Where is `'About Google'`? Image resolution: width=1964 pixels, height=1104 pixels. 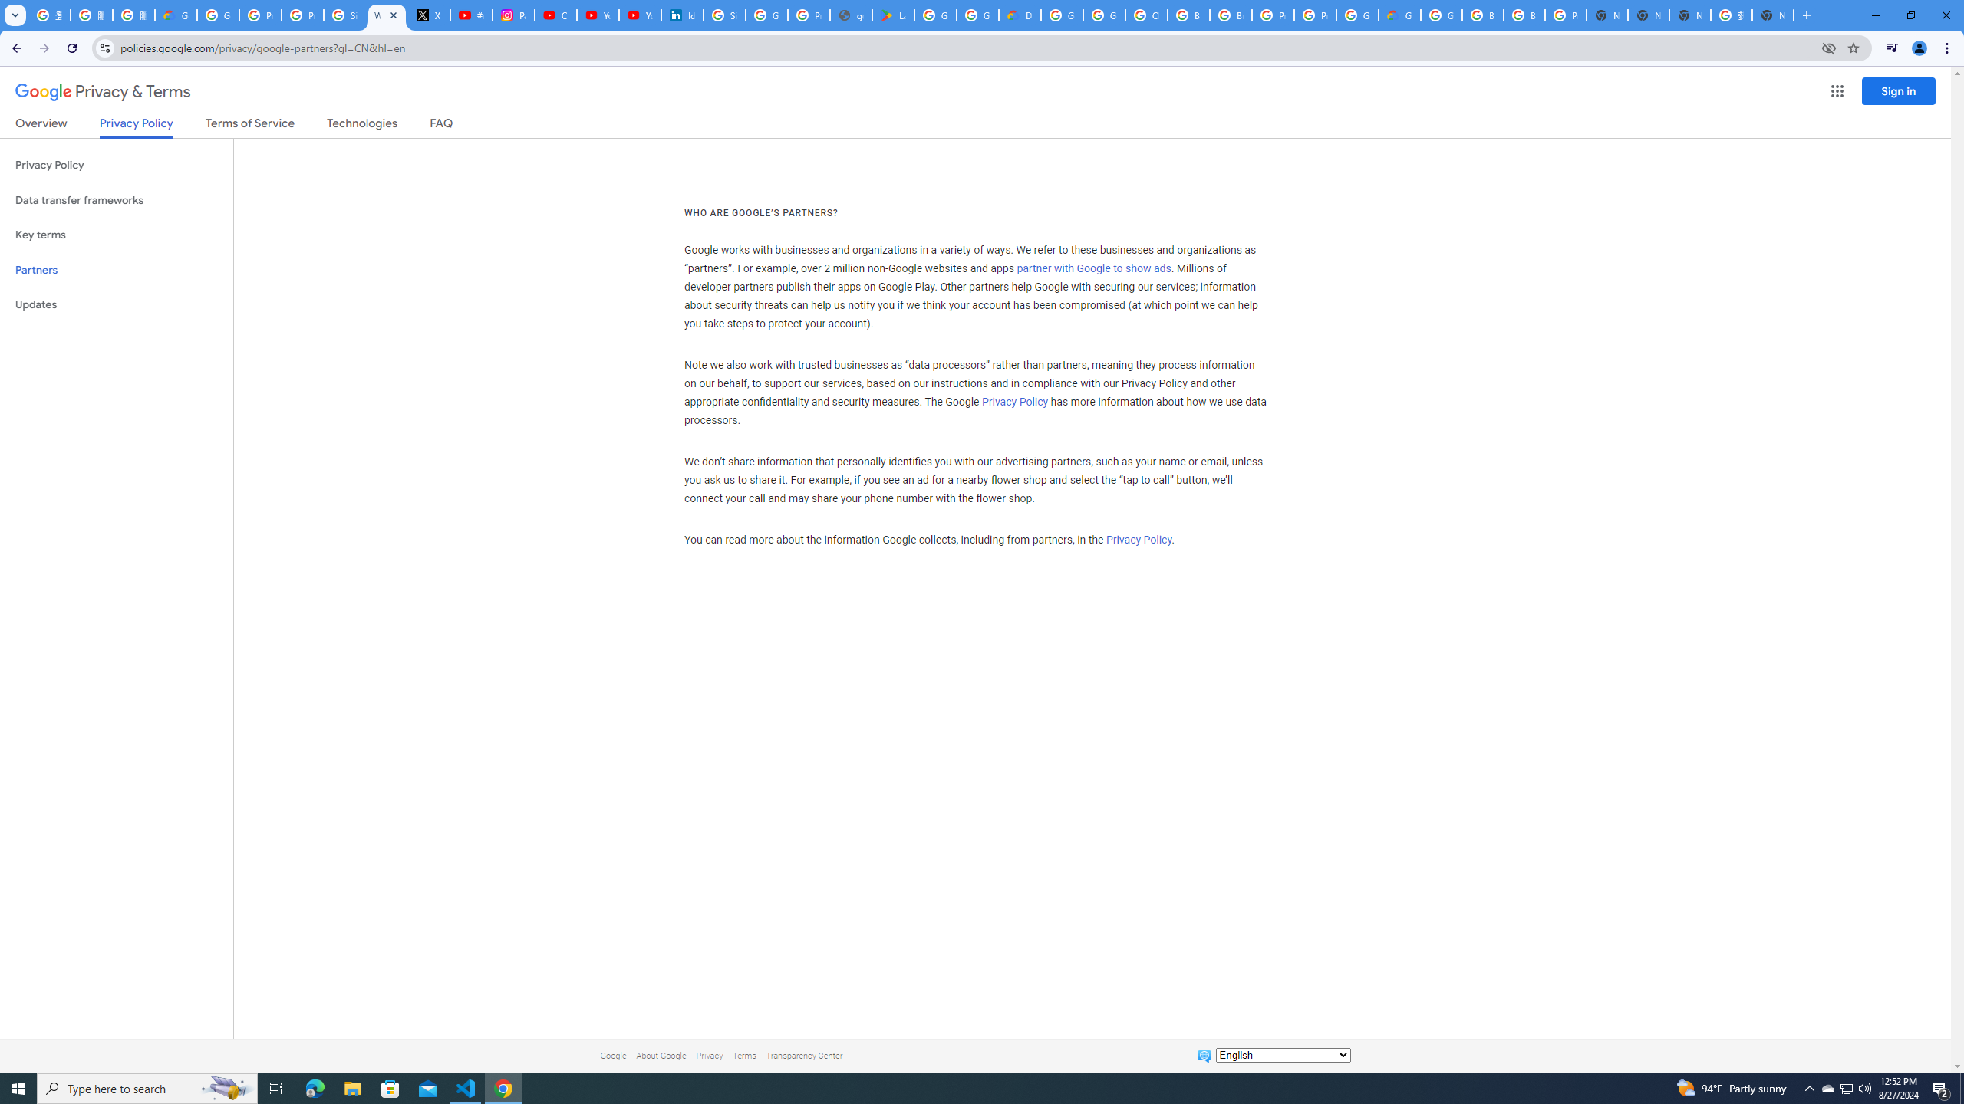
'About Google' is located at coordinates (661, 1055).